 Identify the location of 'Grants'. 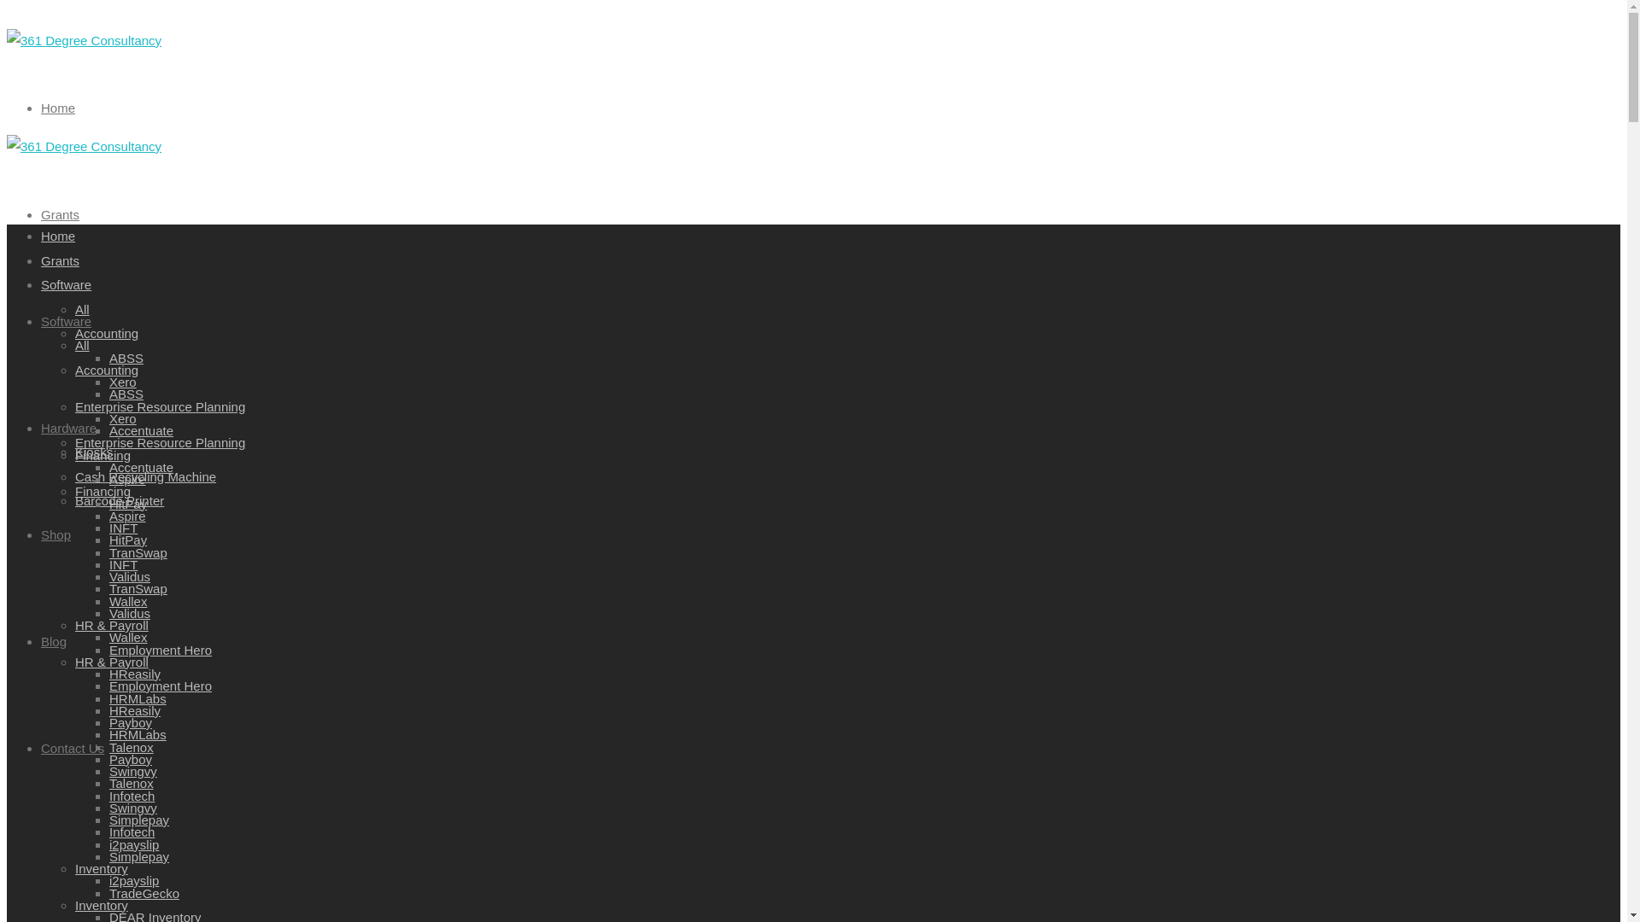
(60, 260).